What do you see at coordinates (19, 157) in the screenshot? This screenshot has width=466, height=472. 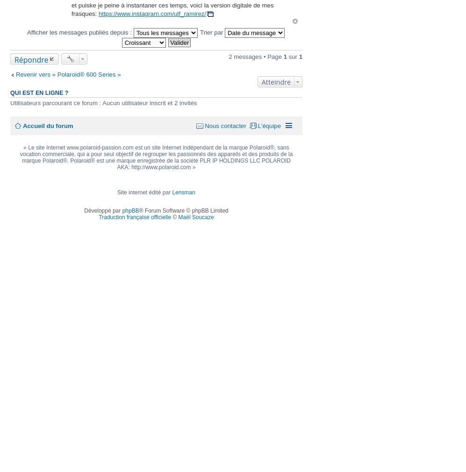 I see `'« Le site Internet www.polaroid-passion.com est un site Internet indépendant de la marque Polaroid®, sans vocation commerciale, qui a pour seul objectif de regrouper les passionnés des appareils et des produits de la marque Polaroid®. Polaroid® est une marque enregistrée de la société   PLR IP HOLDINGS LLC POLAROID AKA: http://www.polaroid.com »'` at bounding box center [19, 157].